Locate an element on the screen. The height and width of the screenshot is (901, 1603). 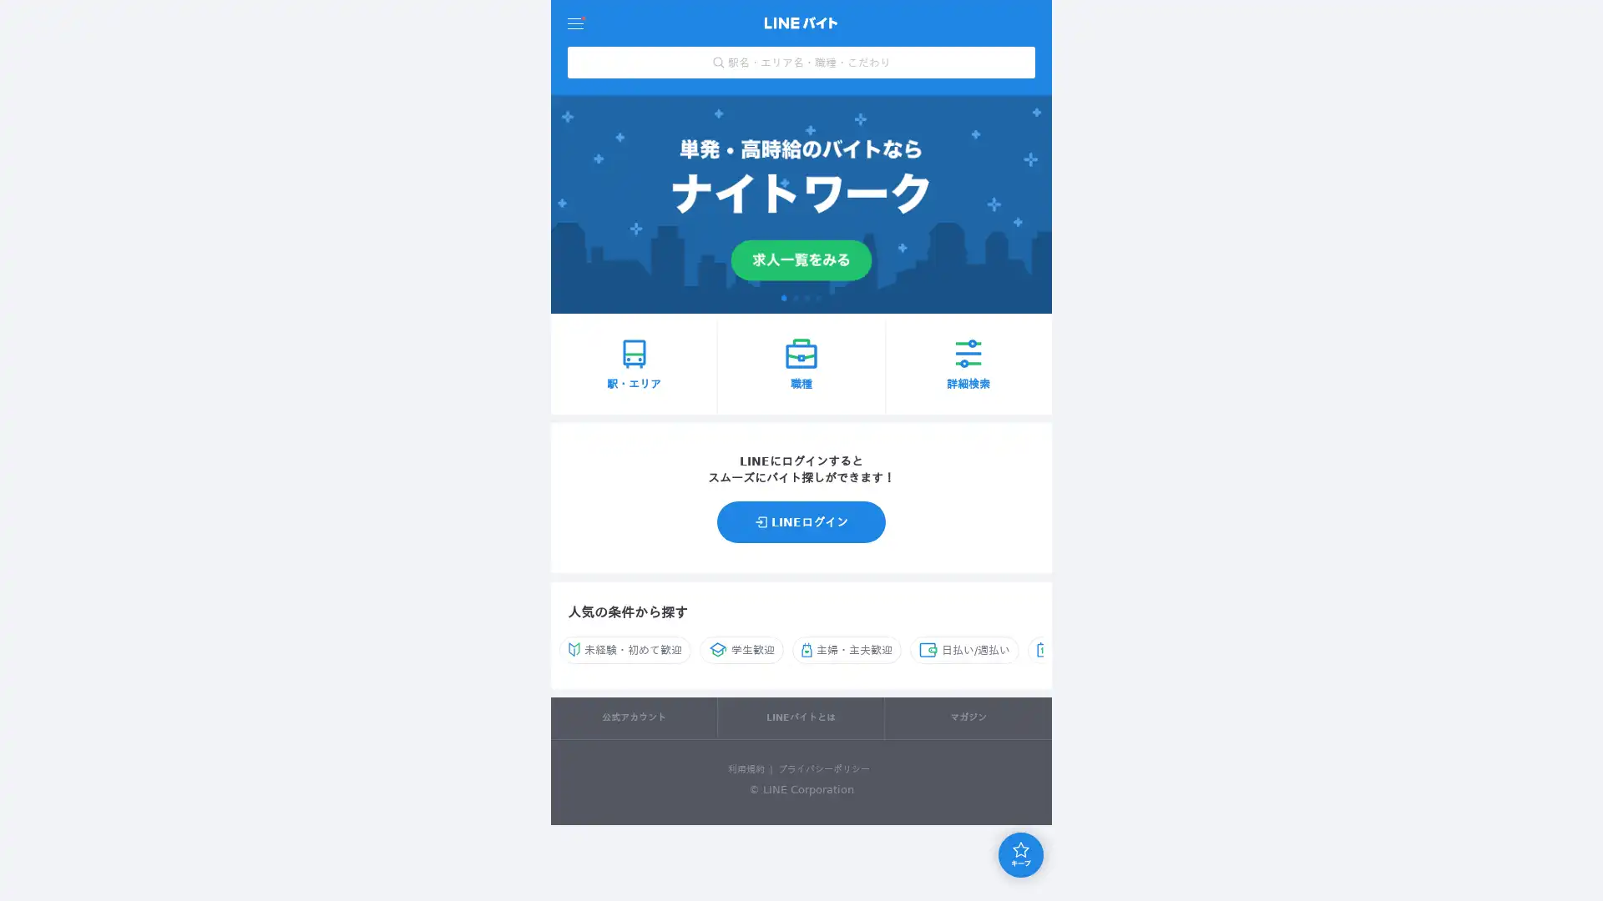
1 is located at coordinates (783, 296).